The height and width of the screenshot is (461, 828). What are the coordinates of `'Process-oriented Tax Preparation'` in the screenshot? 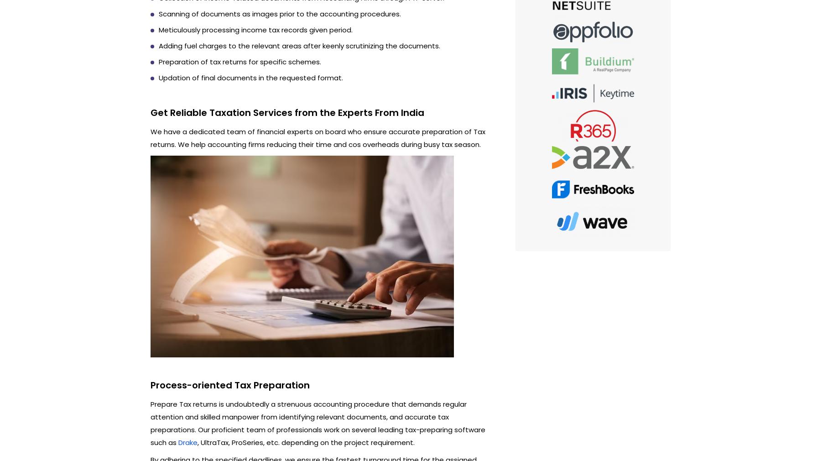 It's located at (150, 385).